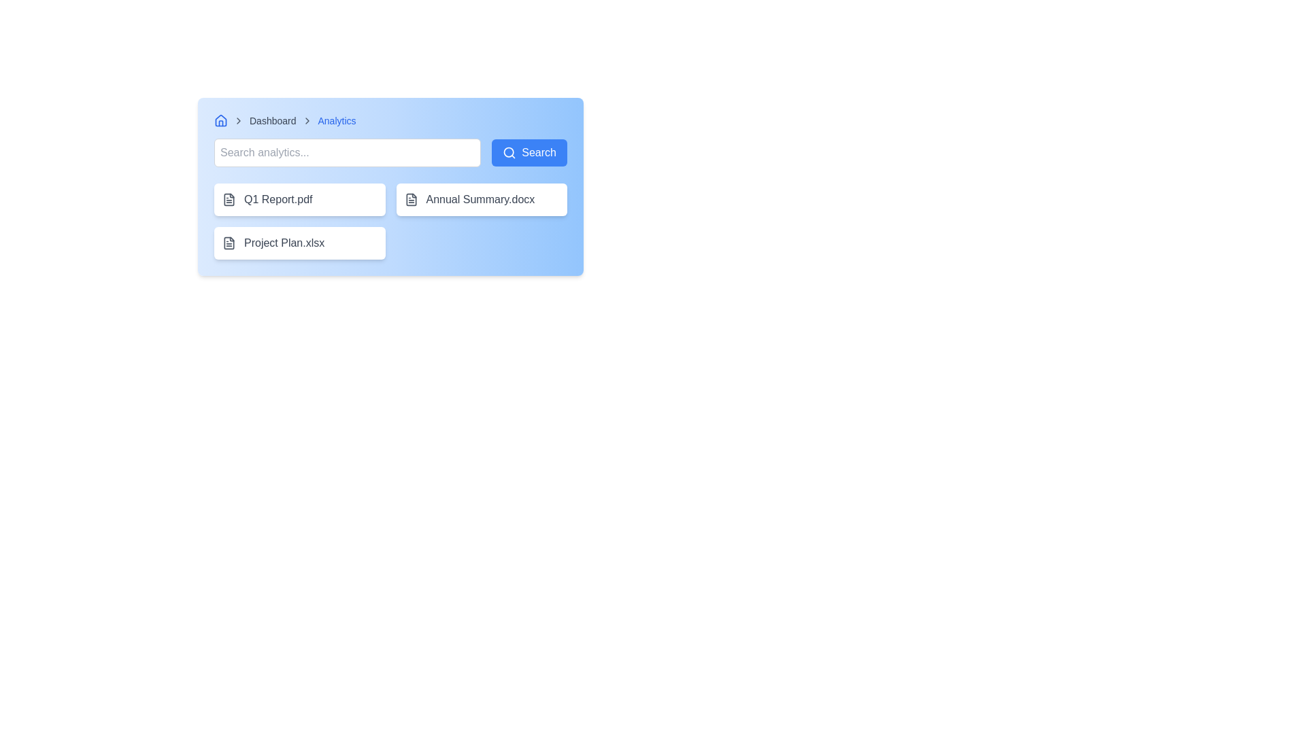  What do you see at coordinates (299, 199) in the screenshot?
I see `the document representation component labeled 'Q1 Report.pdf'` at bounding box center [299, 199].